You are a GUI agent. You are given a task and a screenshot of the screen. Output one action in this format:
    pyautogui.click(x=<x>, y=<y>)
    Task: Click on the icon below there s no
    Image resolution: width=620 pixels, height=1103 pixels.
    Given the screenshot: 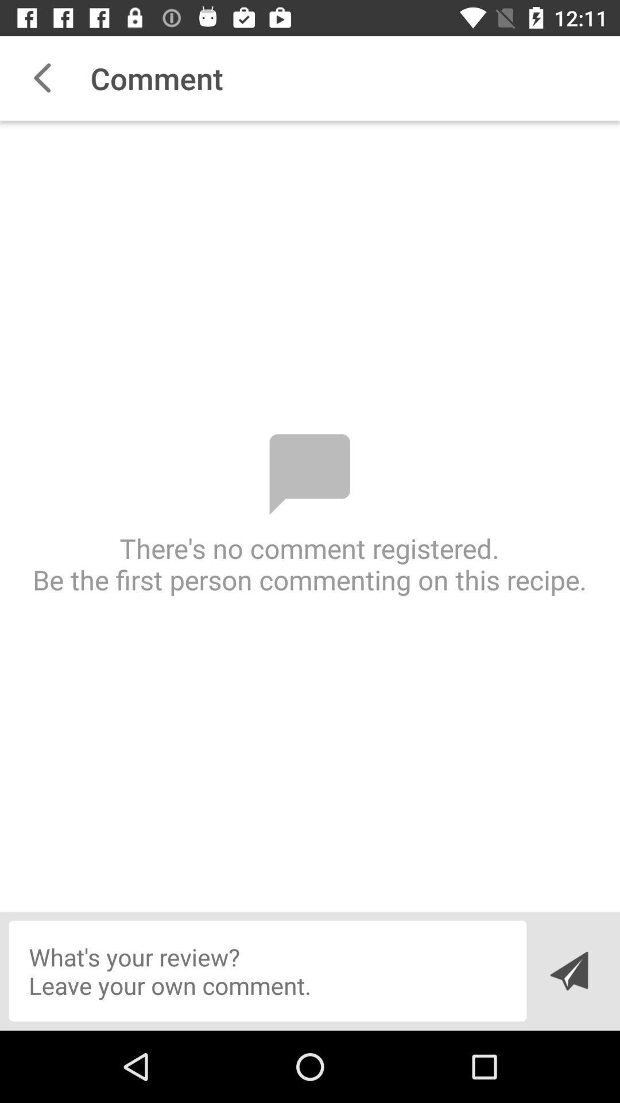 What is the action you would take?
    pyautogui.click(x=268, y=970)
    